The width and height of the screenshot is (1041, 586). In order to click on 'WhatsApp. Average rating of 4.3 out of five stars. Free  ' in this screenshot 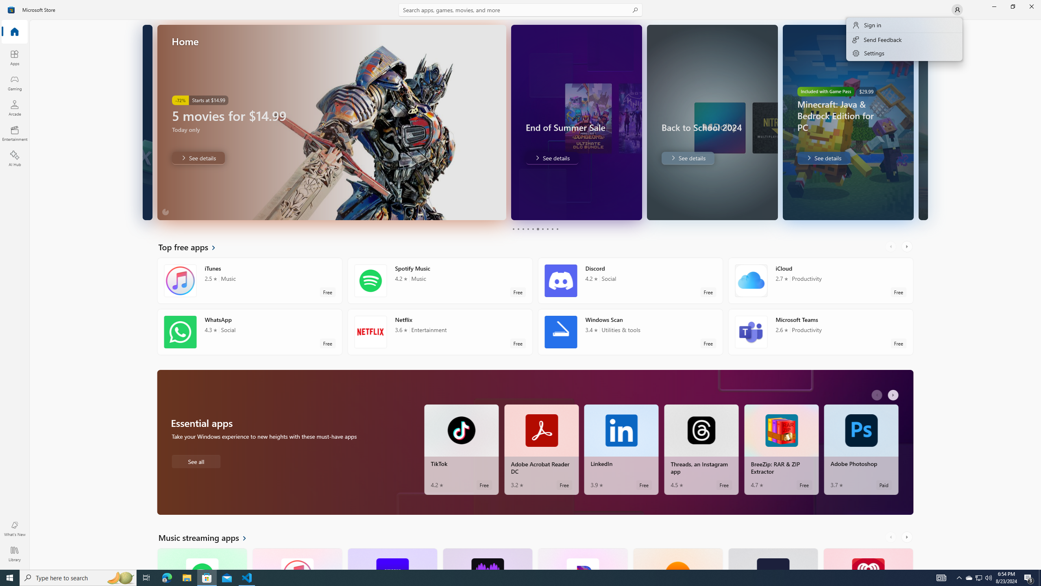, I will do `click(249, 332)`.